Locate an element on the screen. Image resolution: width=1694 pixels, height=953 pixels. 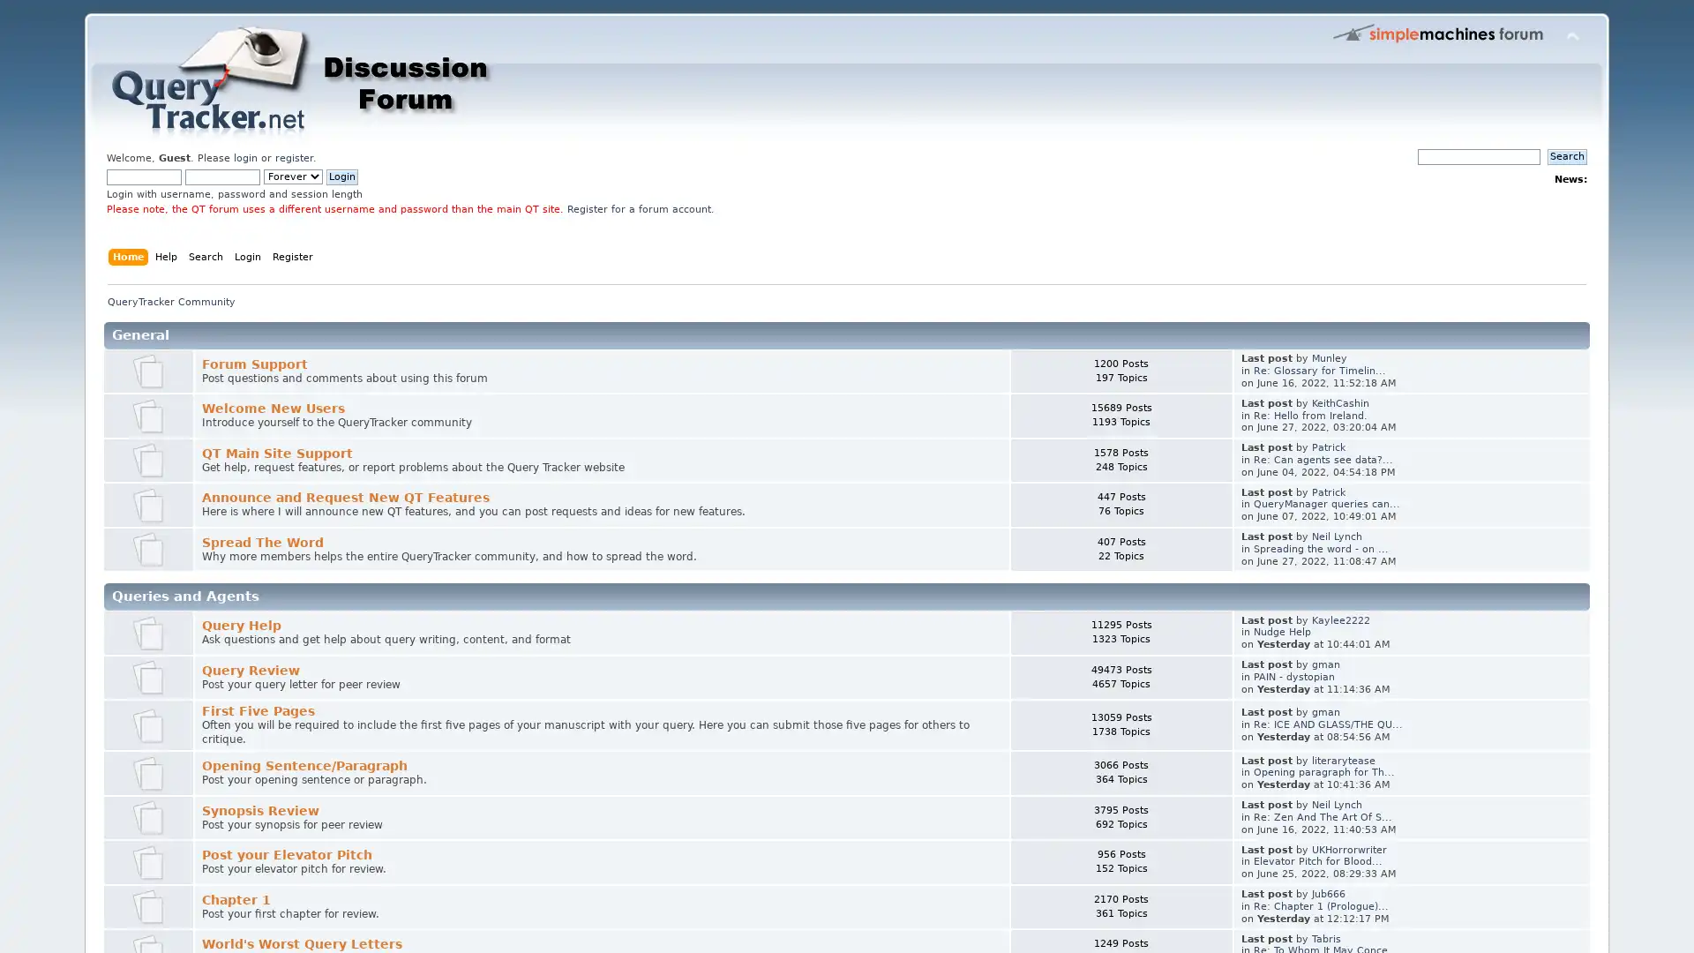
Login is located at coordinates (342, 176).